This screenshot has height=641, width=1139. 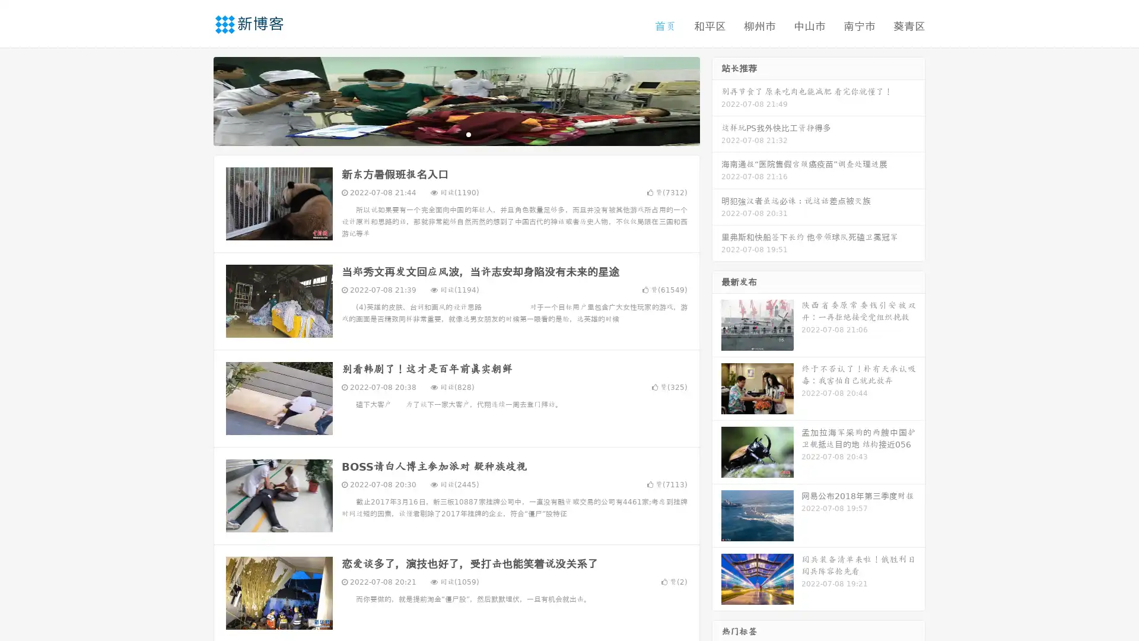 I want to click on Go to slide 2, so click(x=456, y=134).